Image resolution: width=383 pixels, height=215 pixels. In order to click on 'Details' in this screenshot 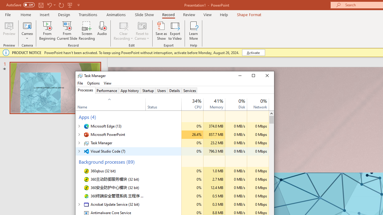, I will do `click(174, 90)`.